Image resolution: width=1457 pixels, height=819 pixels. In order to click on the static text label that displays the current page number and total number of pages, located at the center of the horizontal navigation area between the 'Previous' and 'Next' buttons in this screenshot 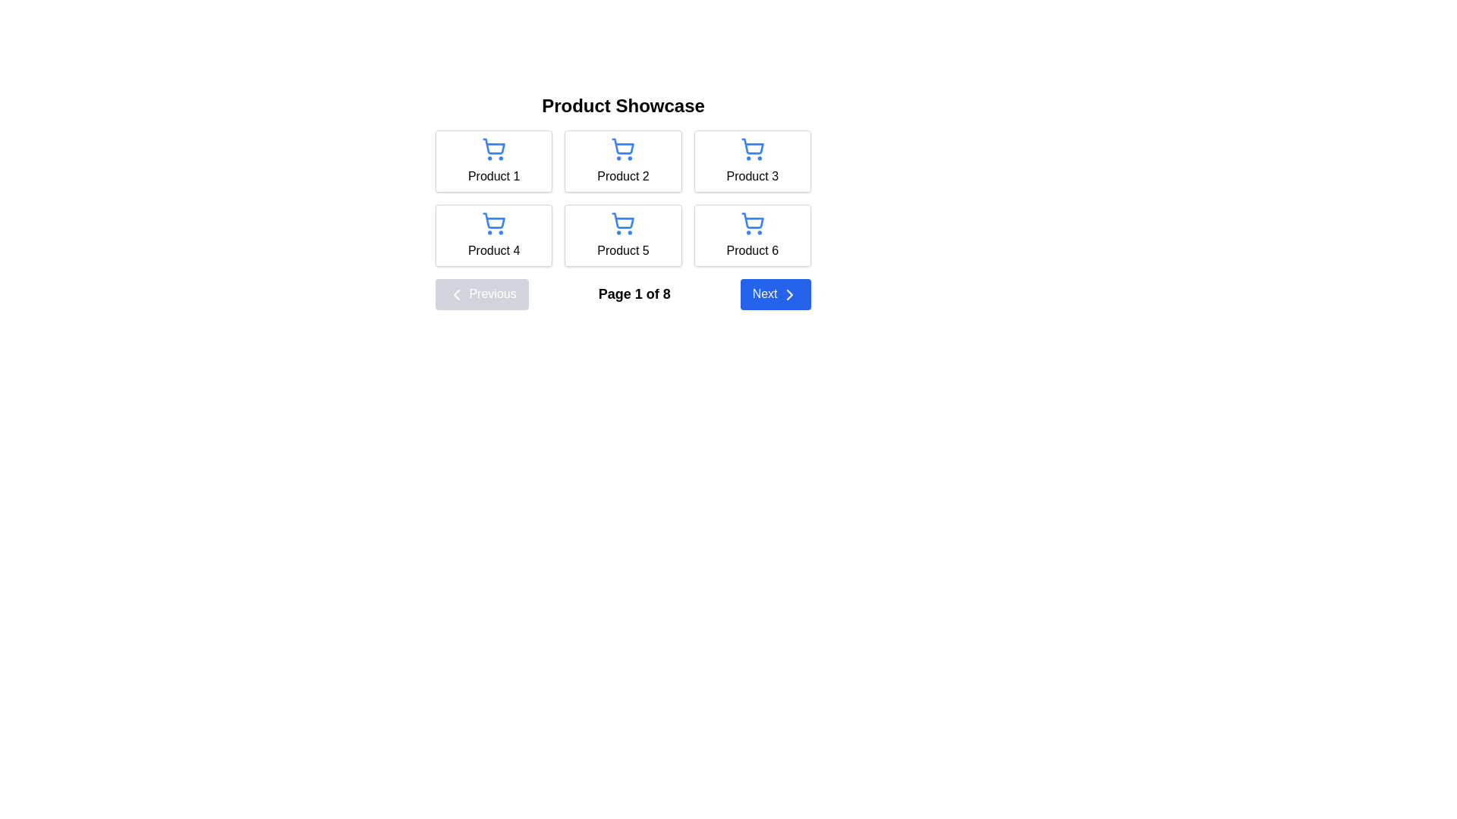, I will do `click(634, 294)`.